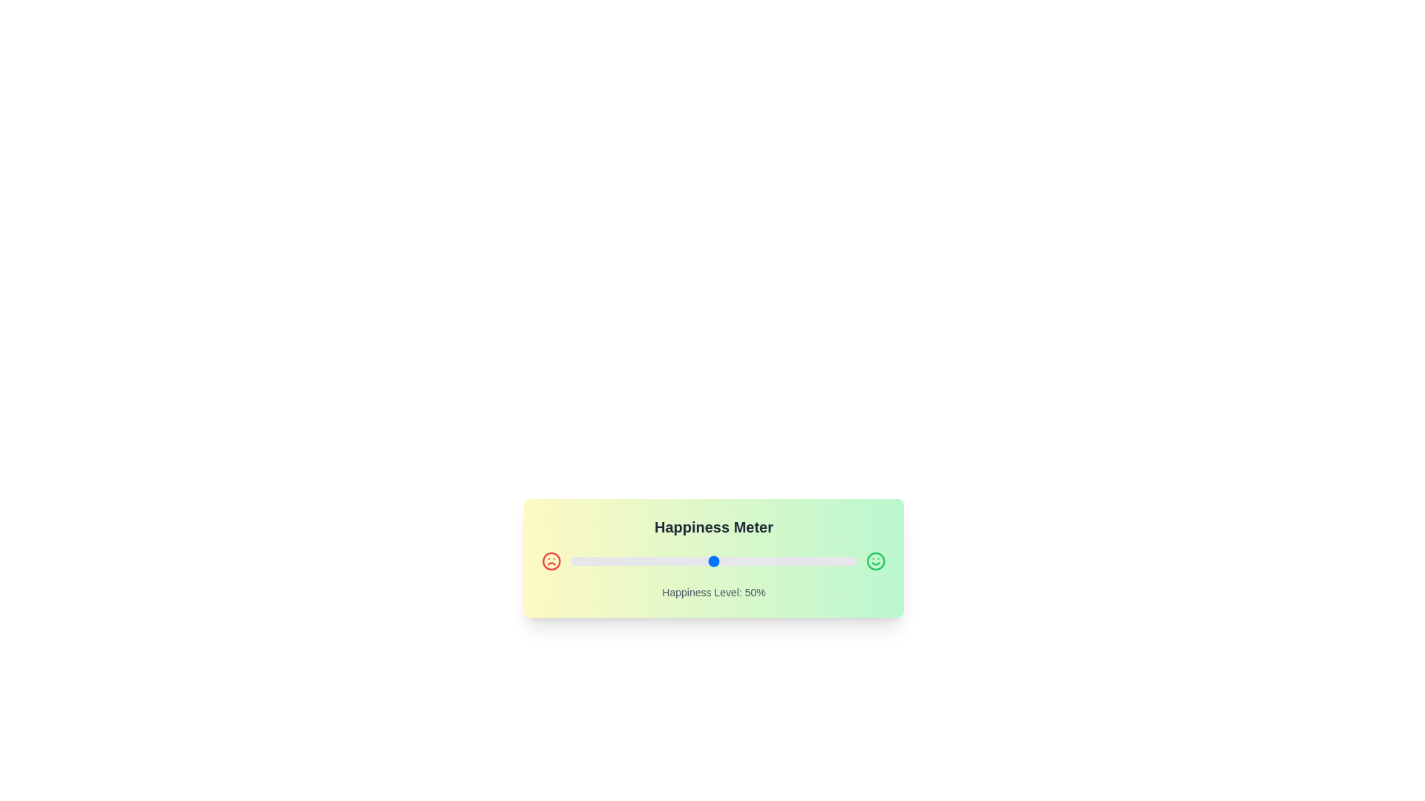 The height and width of the screenshot is (801, 1425). I want to click on the slider to set the happiness level to 6%, so click(586, 561).